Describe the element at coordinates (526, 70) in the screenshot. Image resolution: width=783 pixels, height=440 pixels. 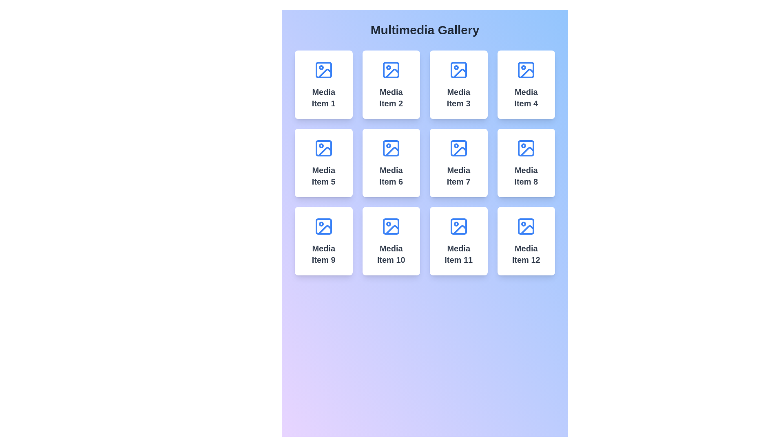
I see `the small rectangular shape with rounded corners that is part of the 'Media Item 4' icon in the multimedia gallery` at that location.